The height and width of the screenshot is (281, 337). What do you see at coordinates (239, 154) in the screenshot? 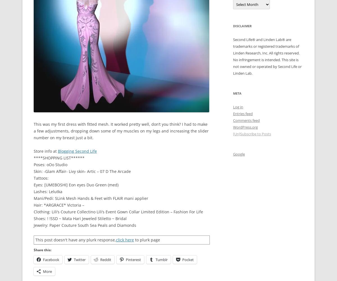
I see `'Google'` at bounding box center [239, 154].